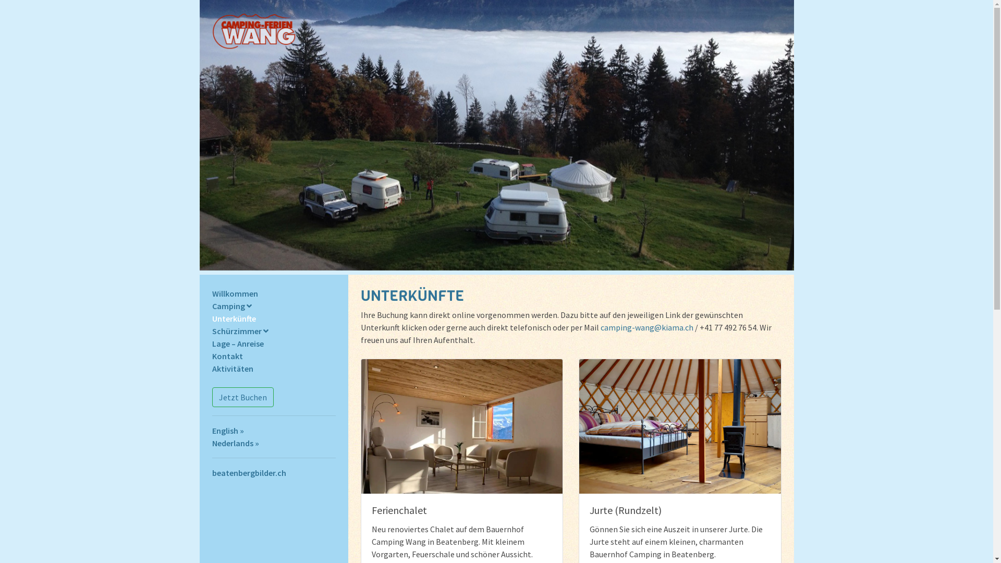 This screenshot has height=563, width=1001. What do you see at coordinates (211, 472) in the screenshot?
I see `'beatenbergbilder.ch'` at bounding box center [211, 472].